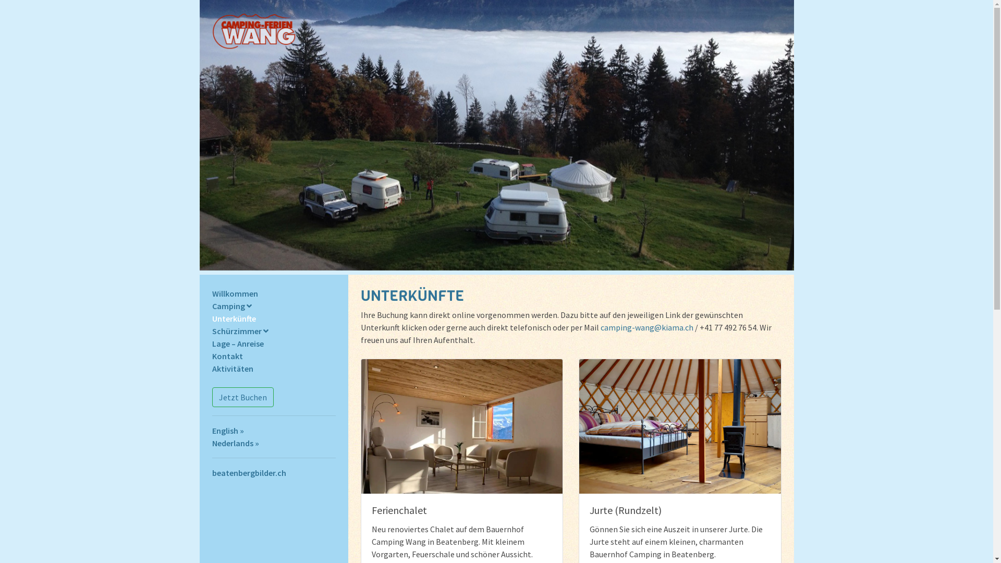 This screenshot has height=563, width=1001. What do you see at coordinates (211, 472) in the screenshot?
I see `'beatenbergbilder.ch'` at bounding box center [211, 472].